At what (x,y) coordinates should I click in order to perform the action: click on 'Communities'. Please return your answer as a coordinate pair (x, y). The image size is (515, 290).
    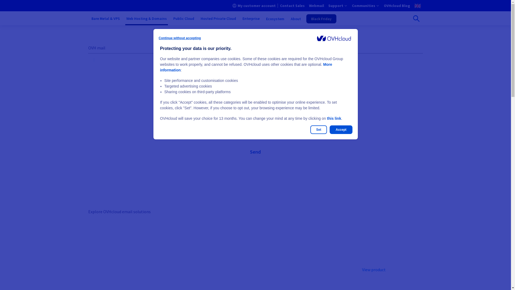
    Looking at the image, I should click on (352, 5).